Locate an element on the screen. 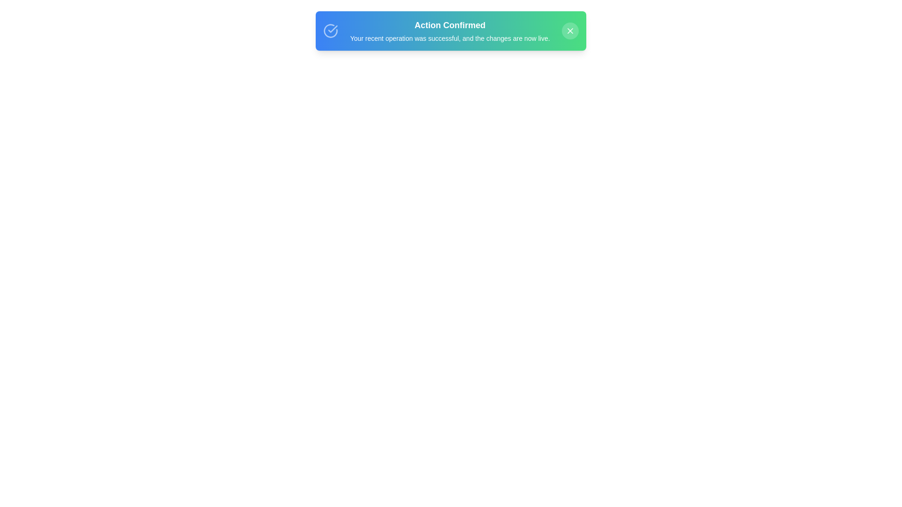 The image size is (902, 507). the close button of the snackbar to close it is located at coordinates (570, 30).